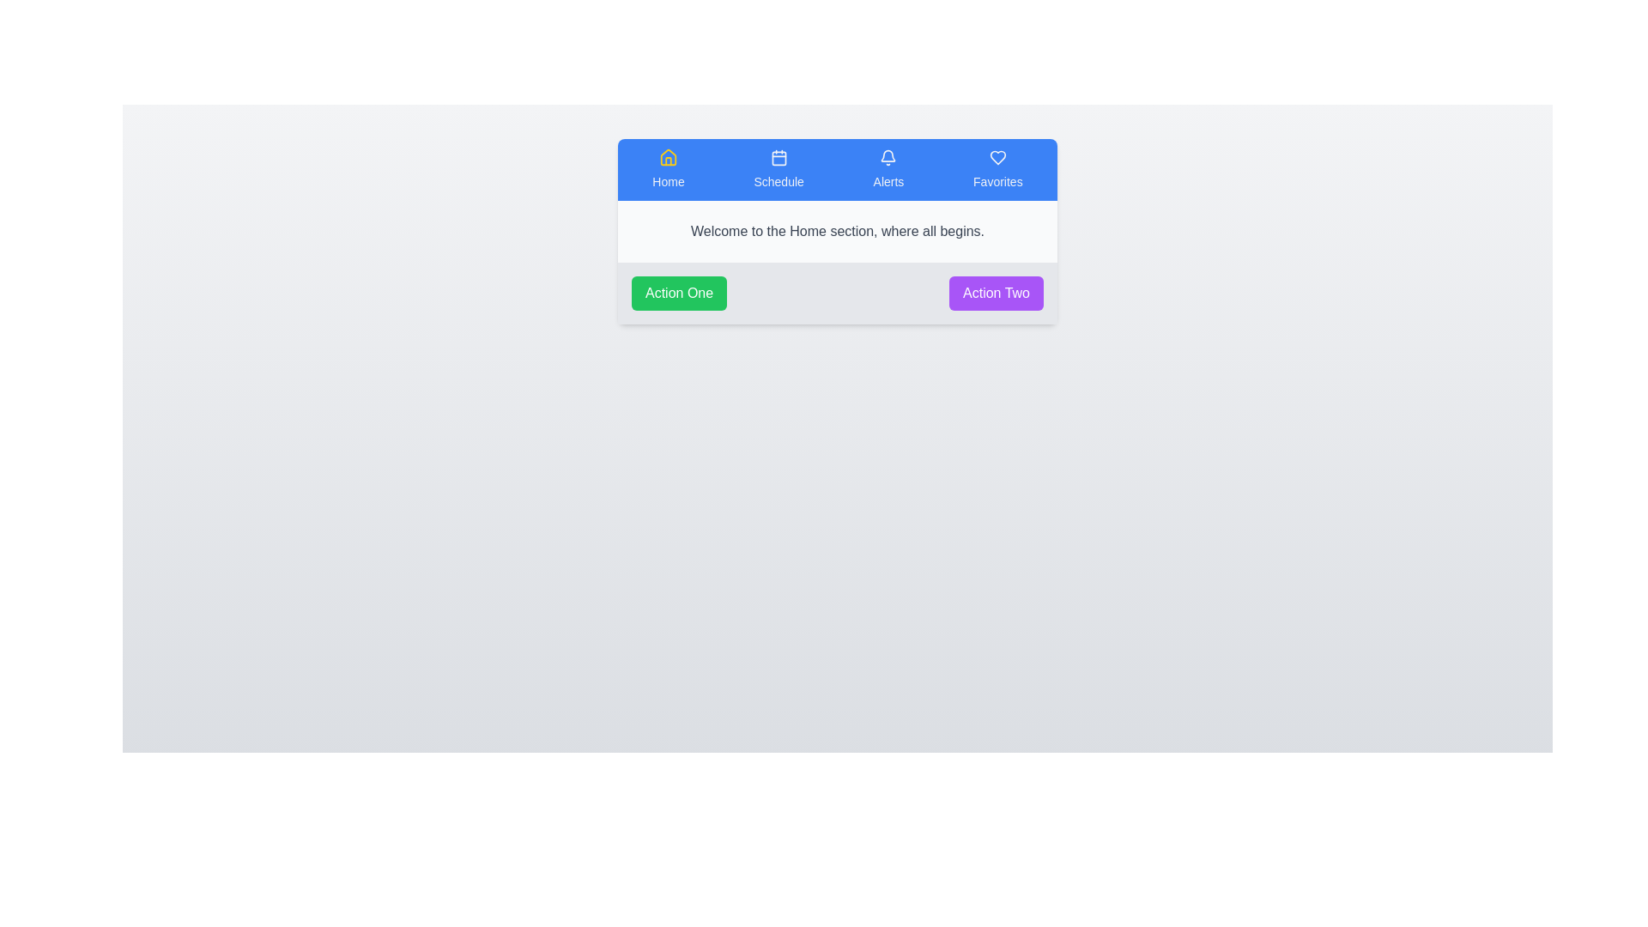 The width and height of the screenshot is (1648, 927). I want to click on the action button Action Two, so click(997, 293).